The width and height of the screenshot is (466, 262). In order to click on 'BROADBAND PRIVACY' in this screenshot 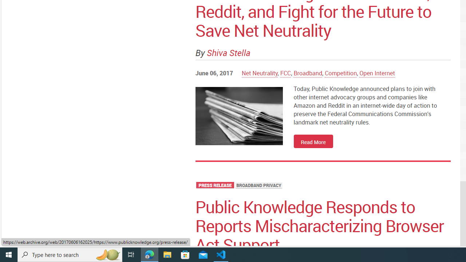, I will do `click(259, 185)`.